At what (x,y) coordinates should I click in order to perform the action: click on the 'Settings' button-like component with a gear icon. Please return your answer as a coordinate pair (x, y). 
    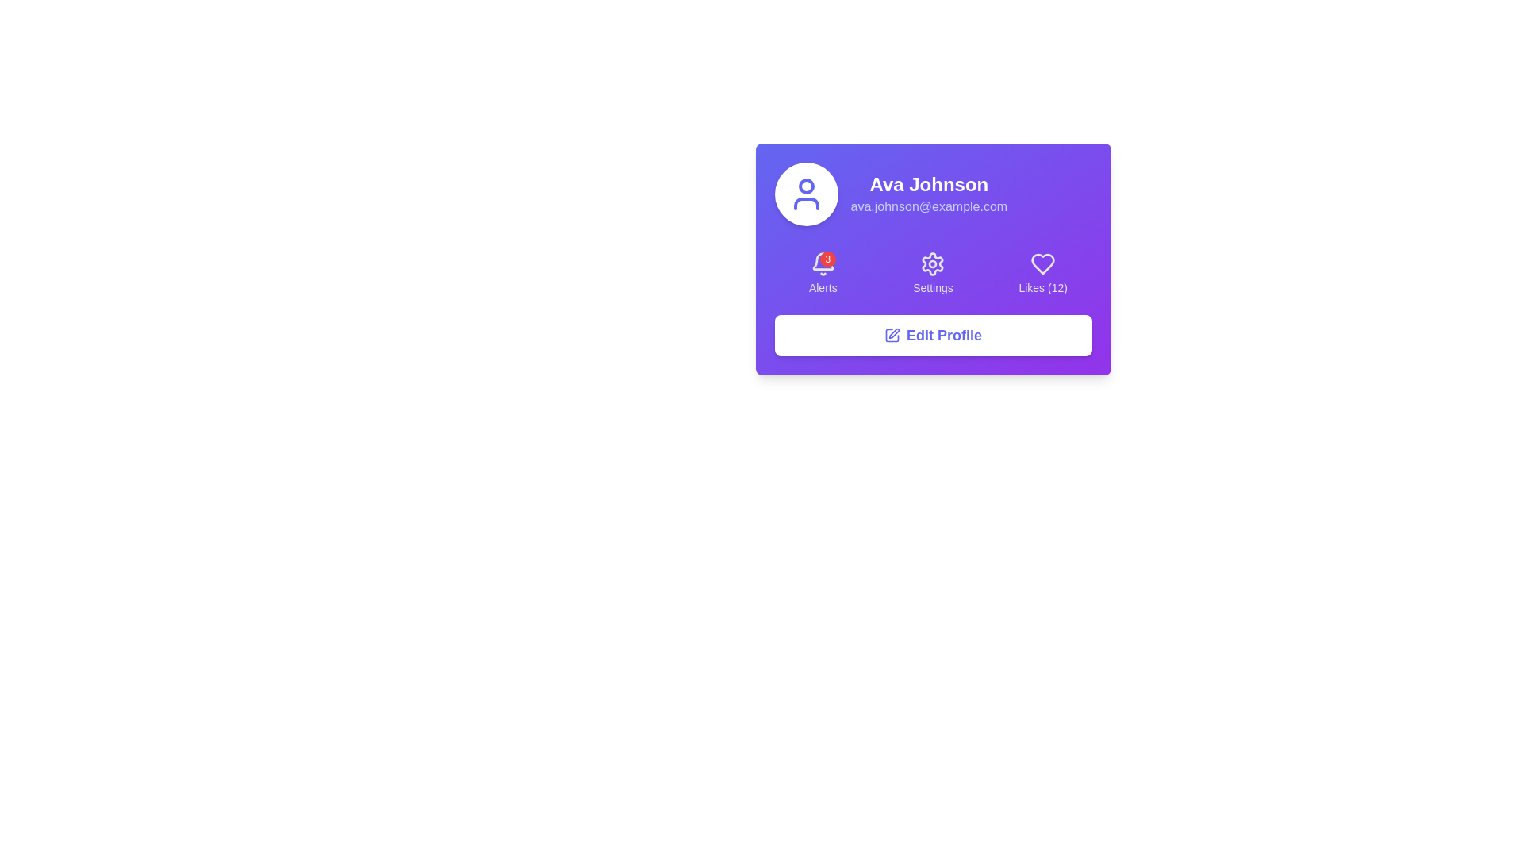
    Looking at the image, I should click on (933, 272).